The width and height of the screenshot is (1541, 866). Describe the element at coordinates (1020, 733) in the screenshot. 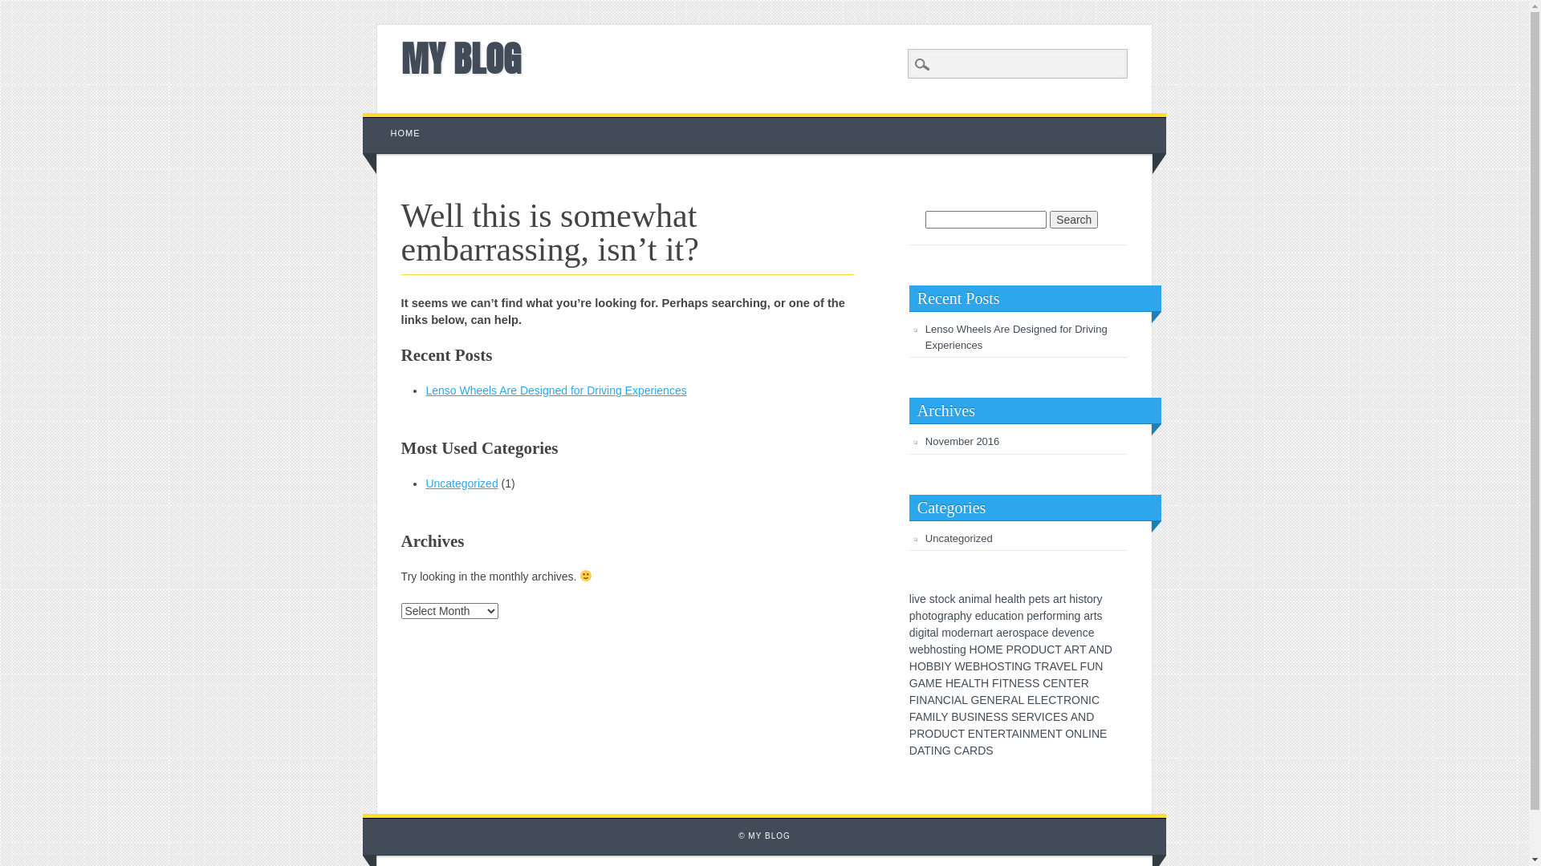

I see `'I'` at that location.